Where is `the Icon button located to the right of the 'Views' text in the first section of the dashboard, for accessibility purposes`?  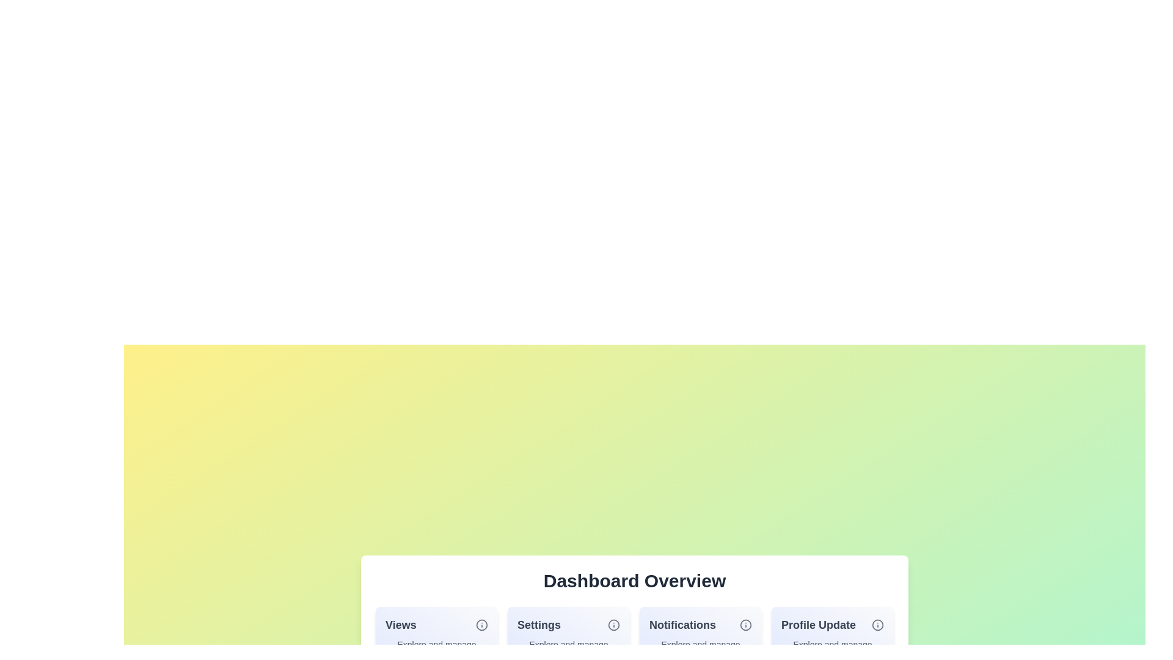 the Icon button located to the right of the 'Views' text in the first section of the dashboard, for accessibility purposes is located at coordinates (481, 625).